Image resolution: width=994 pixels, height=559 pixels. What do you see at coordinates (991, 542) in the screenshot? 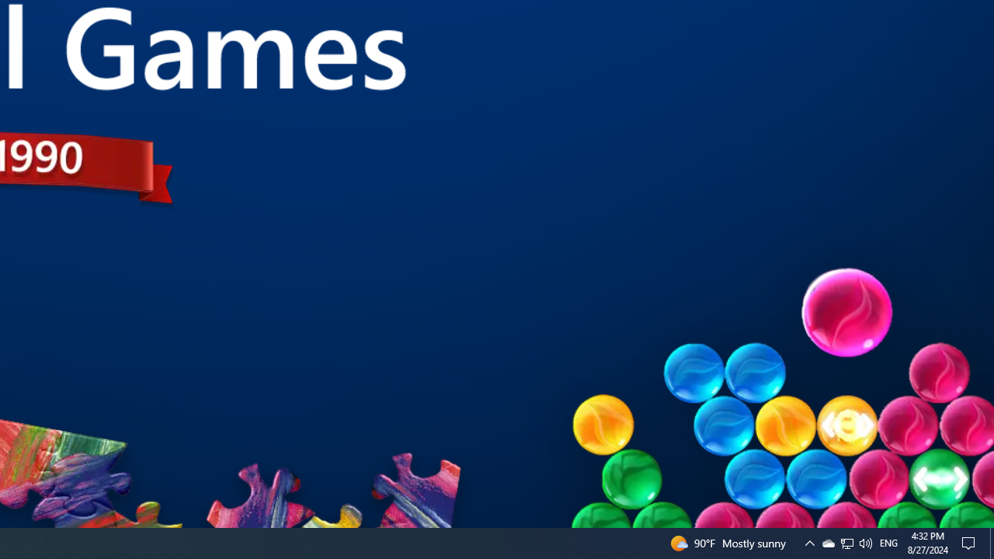
I see `'Show desktop'` at bounding box center [991, 542].